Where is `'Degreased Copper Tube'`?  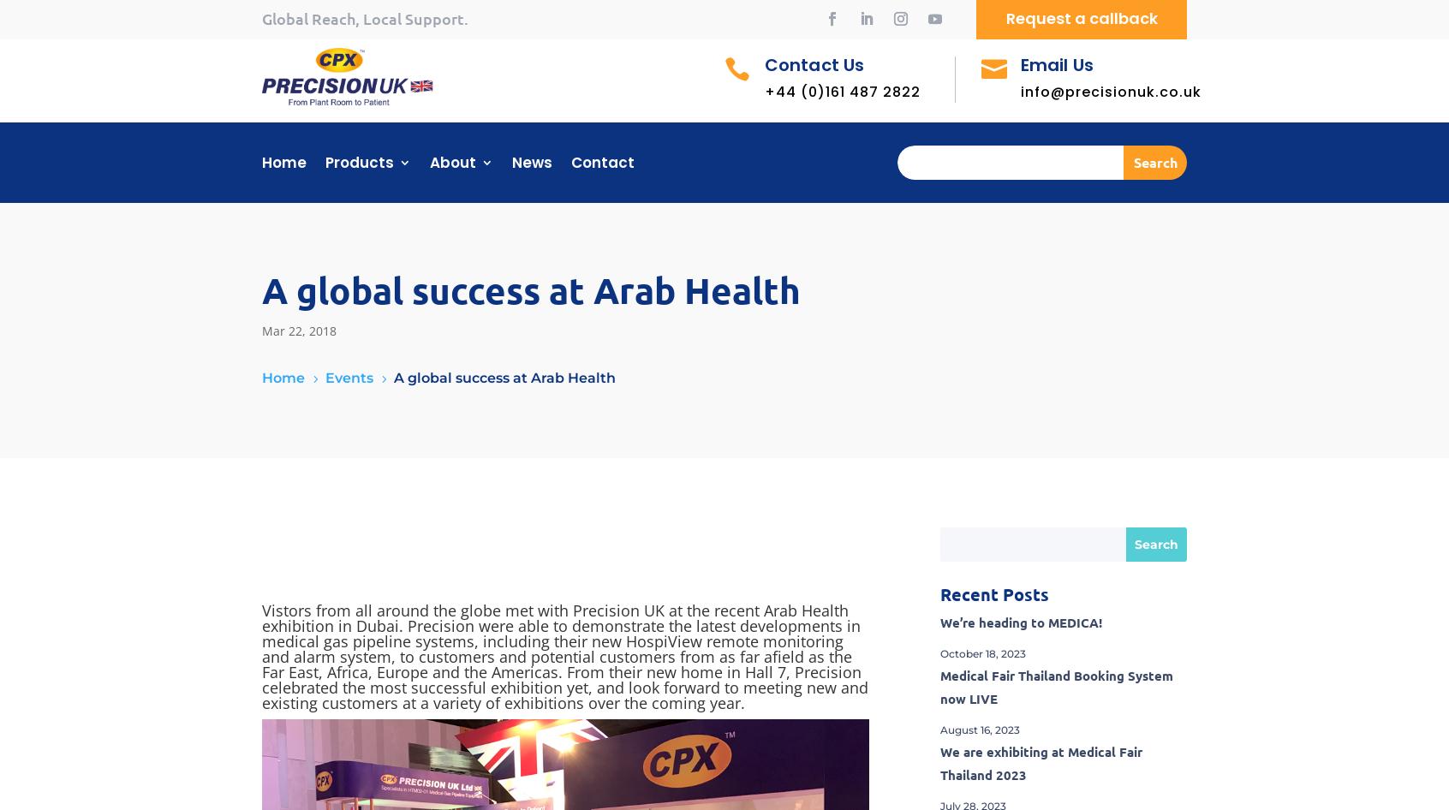 'Degreased Copper Tube' is located at coordinates (630, 280).